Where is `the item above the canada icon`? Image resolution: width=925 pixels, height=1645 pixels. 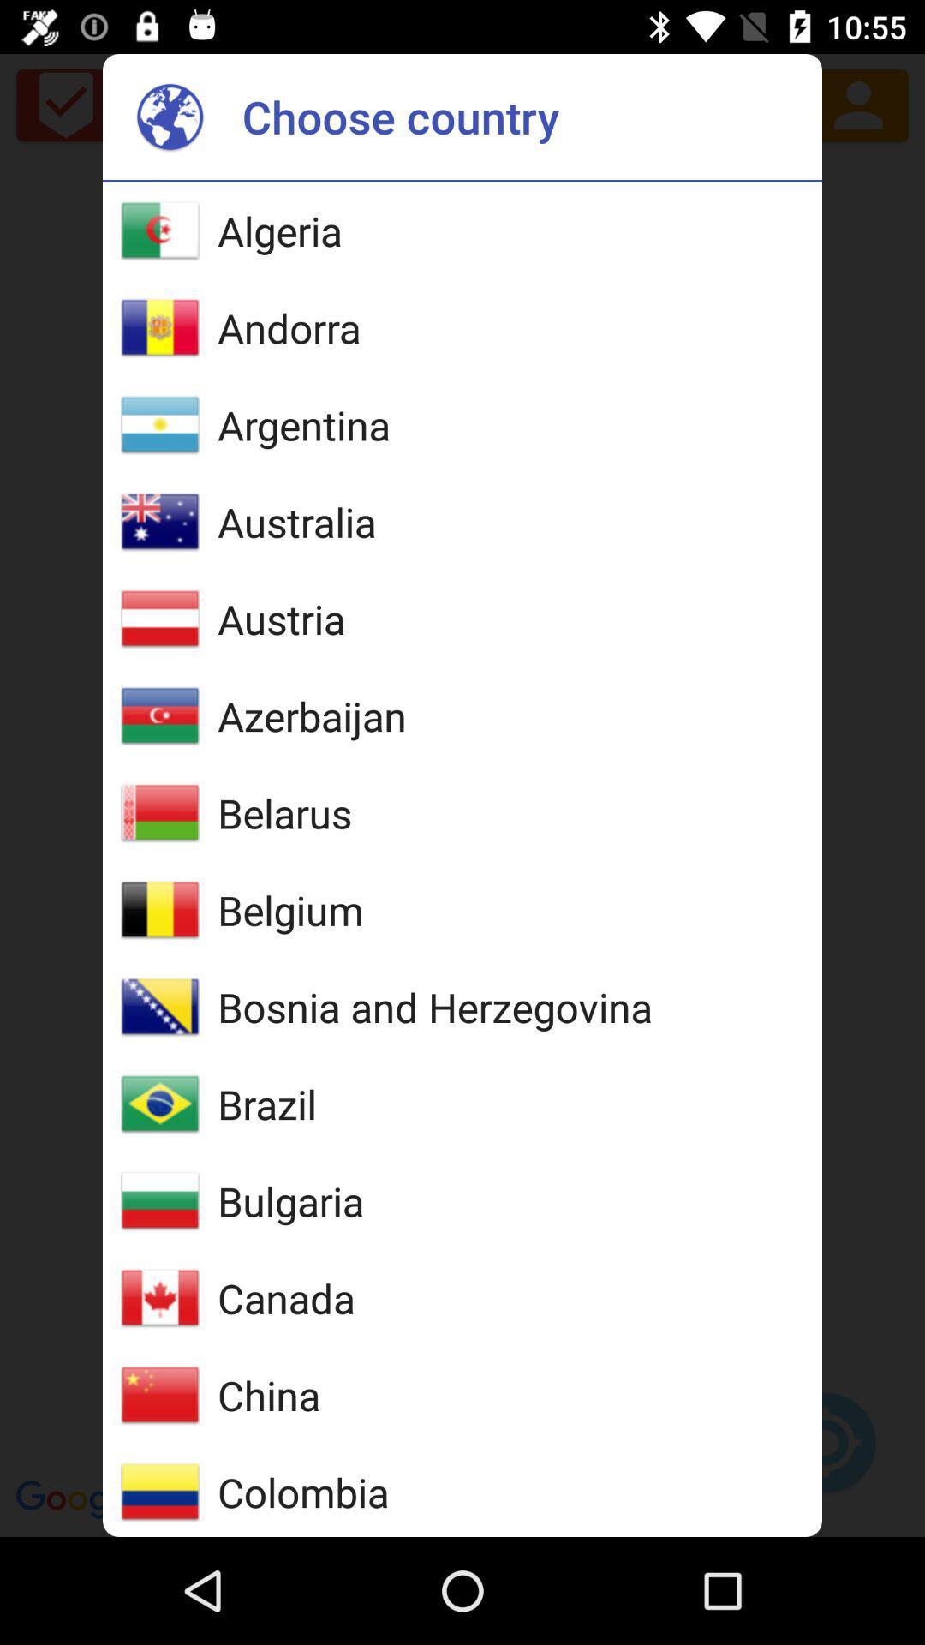 the item above the canada icon is located at coordinates (289, 1200).